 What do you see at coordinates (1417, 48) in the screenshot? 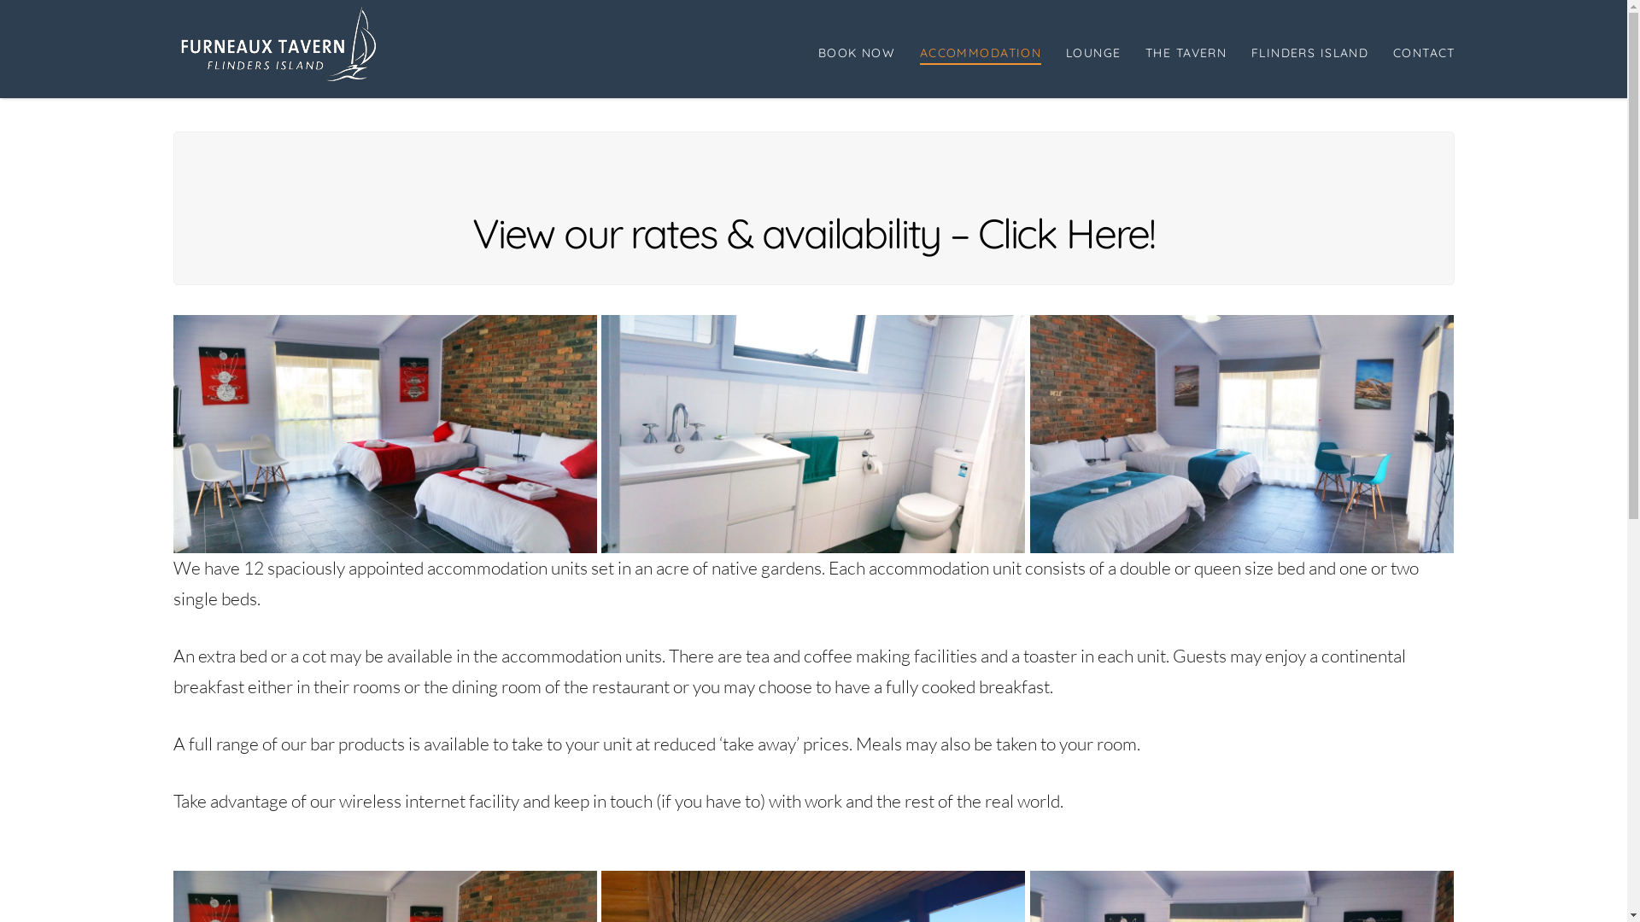
I see `'CONTACT'` at bounding box center [1417, 48].